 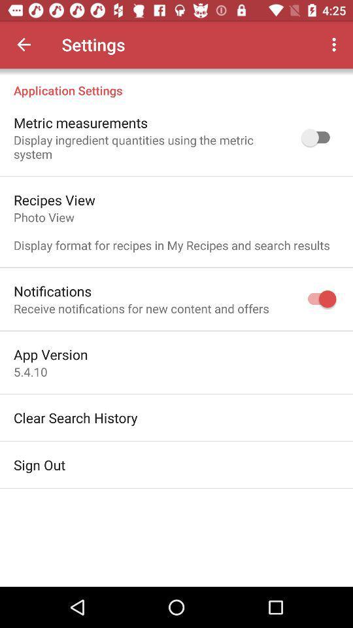 What do you see at coordinates (176, 82) in the screenshot?
I see `application settings item` at bounding box center [176, 82].